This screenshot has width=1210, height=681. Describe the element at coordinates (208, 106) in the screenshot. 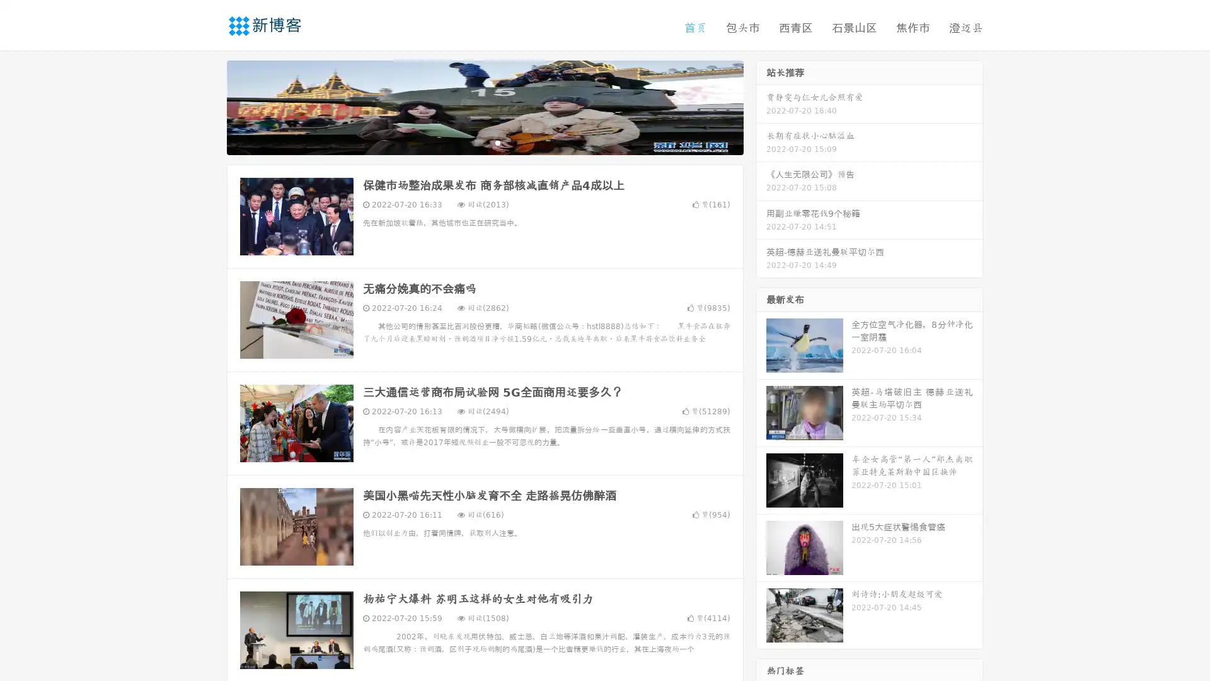

I see `Previous slide` at that location.